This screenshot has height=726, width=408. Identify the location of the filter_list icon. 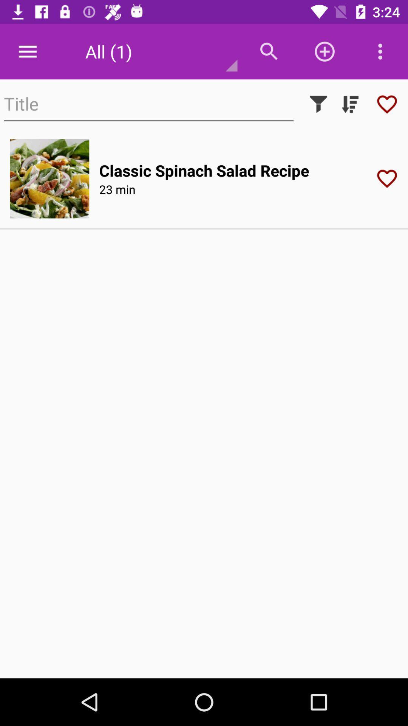
(350, 104).